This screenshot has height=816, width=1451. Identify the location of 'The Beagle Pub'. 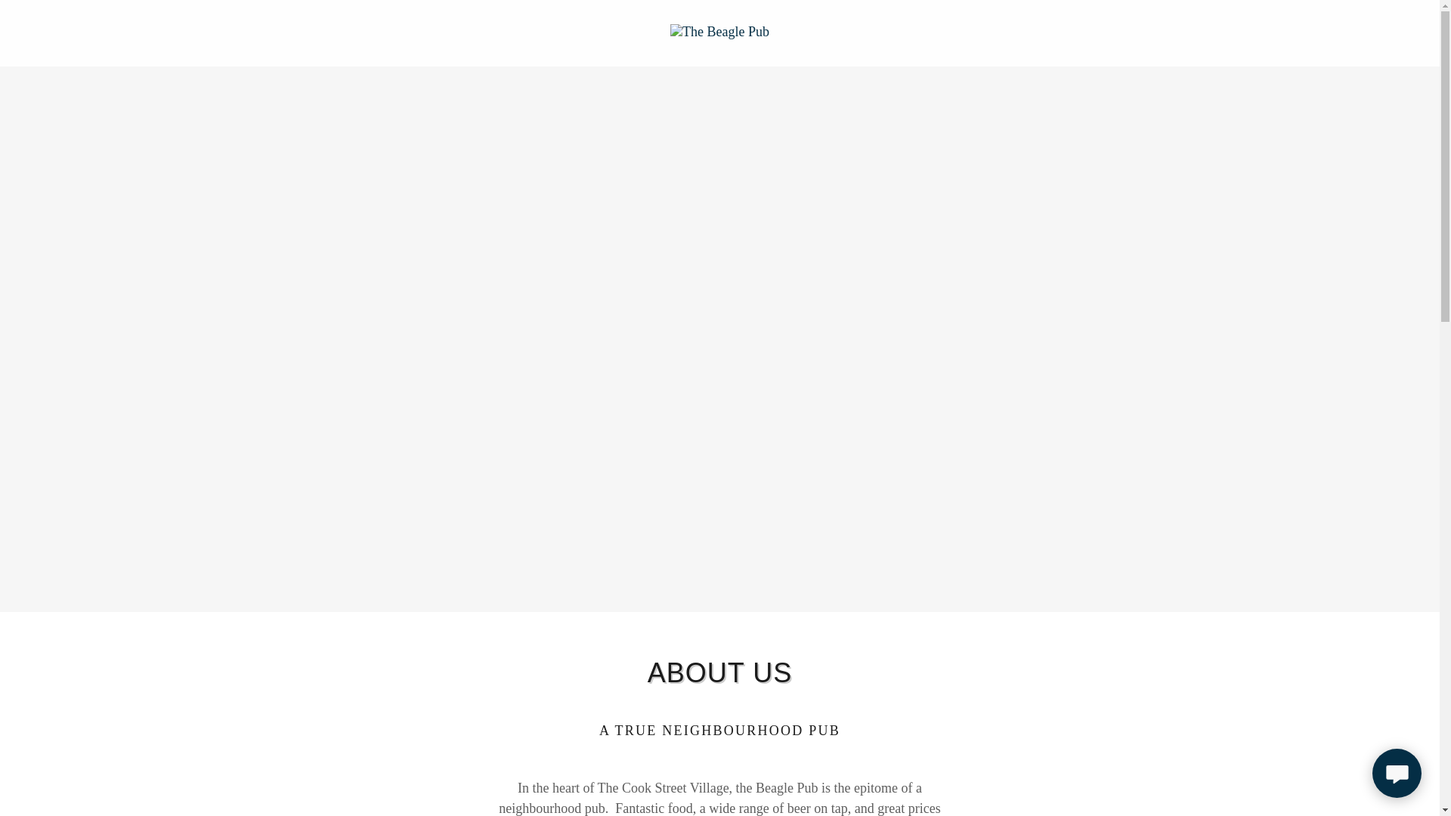
(718, 29).